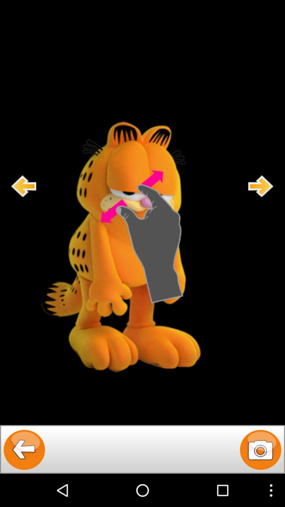 This screenshot has width=285, height=507. I want to click on next page, so click(261, 186).